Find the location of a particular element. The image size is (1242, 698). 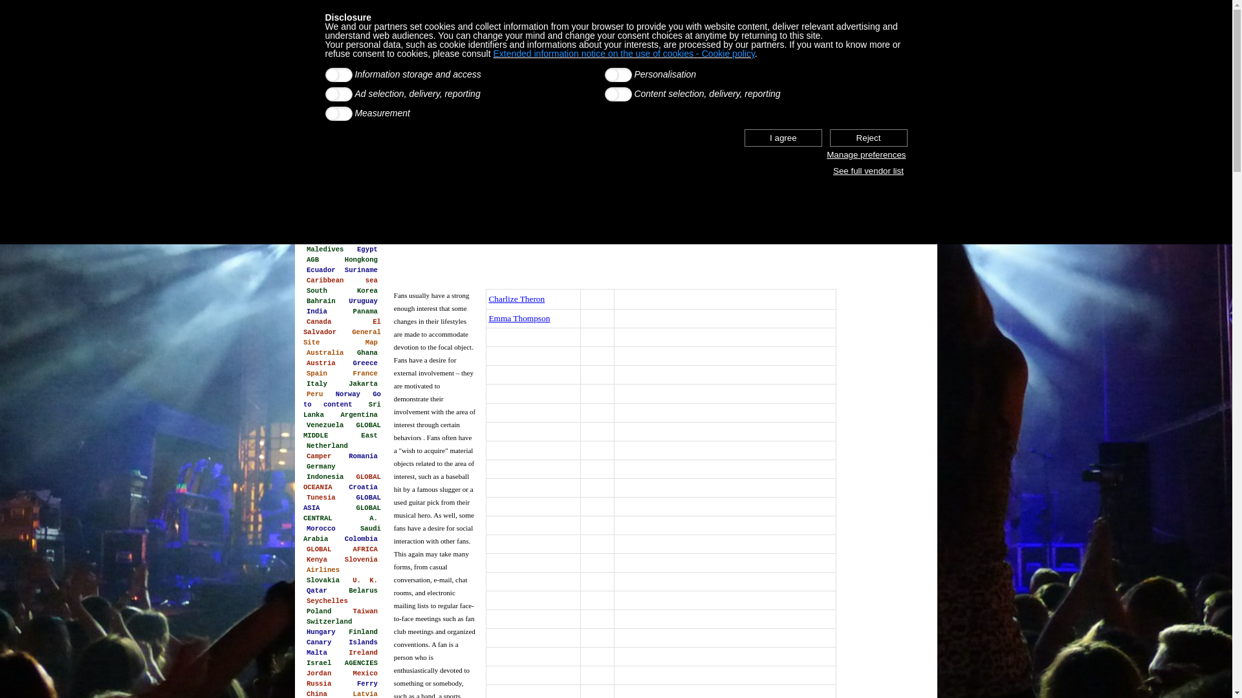

'Norway' is located at coordinates (347, 393).